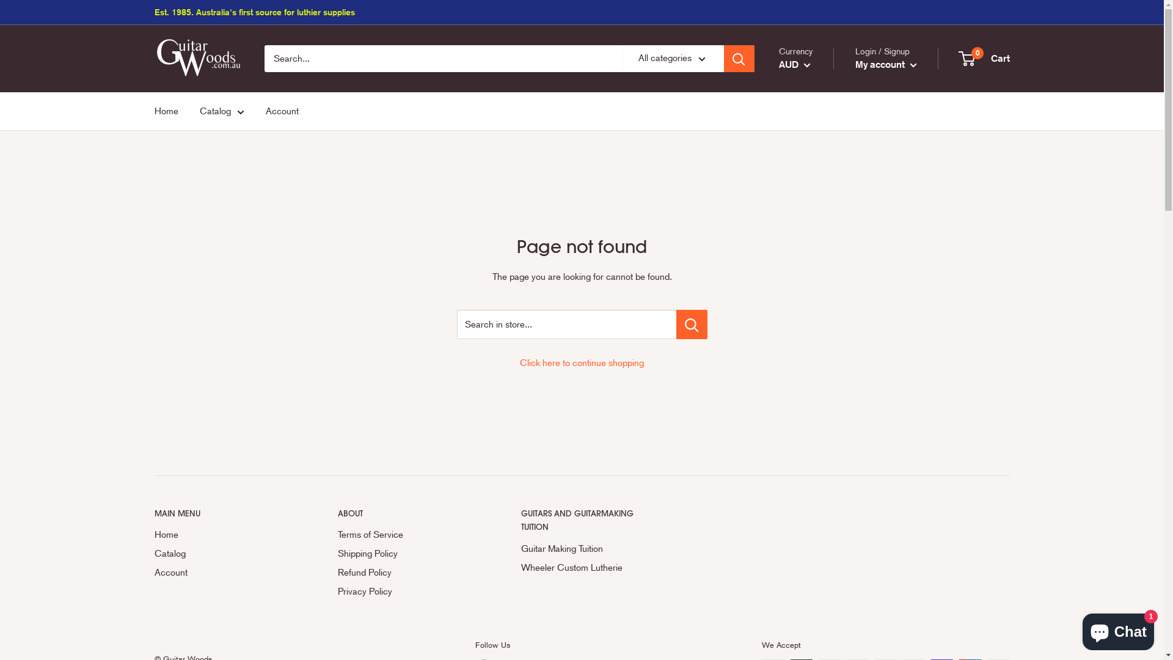 Image resolution: width=1173 pixels, height=660 pixels. What do you see at coordinates (1118, 629) in the screenshot?
I see `'Shopify online store chat'` at bounding box center [1118, 629].